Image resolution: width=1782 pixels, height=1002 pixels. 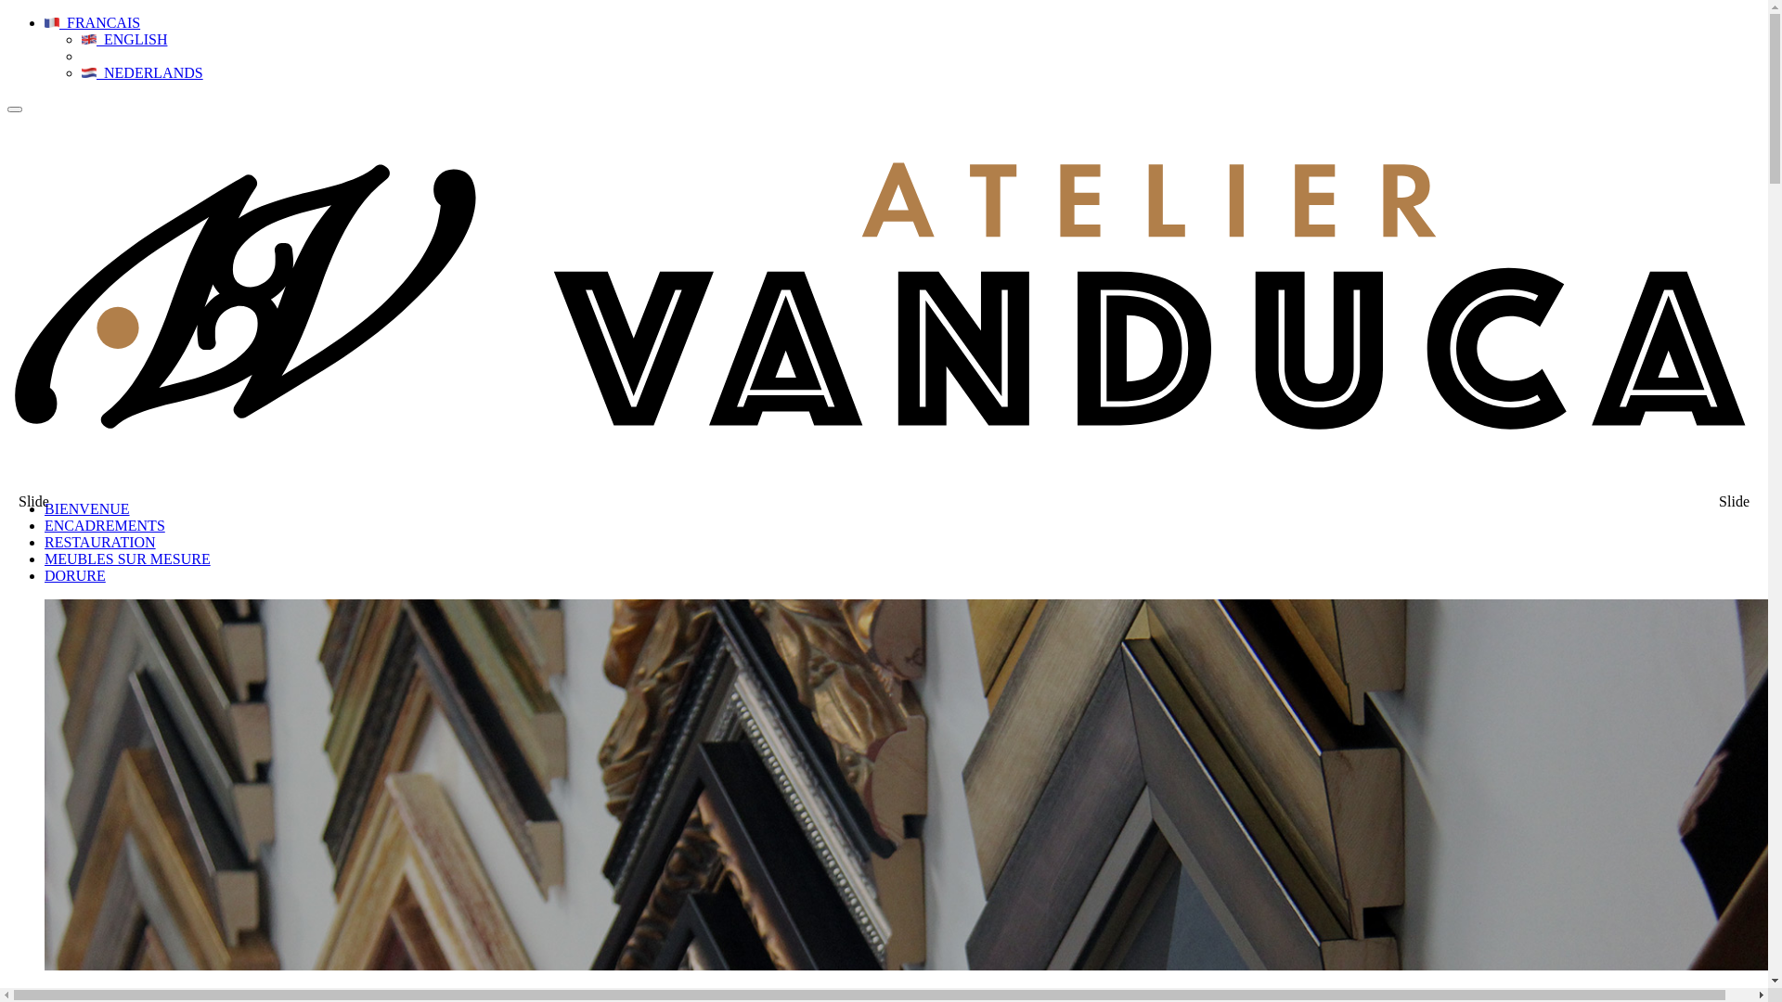 What do you see at coordinates (74, 574) in the screenshot?
I see `'DORURE'` at bounding box center [74, 574].